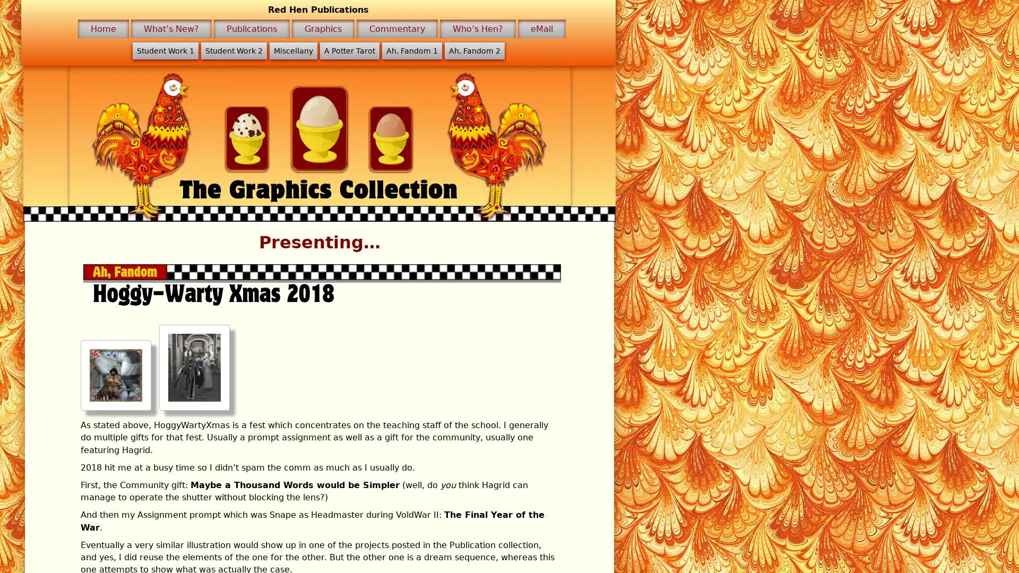  What do you see at coordinates (349, 51) in the screenshot?
I see `A Potter Tarot` at bounding box center [349, 51].